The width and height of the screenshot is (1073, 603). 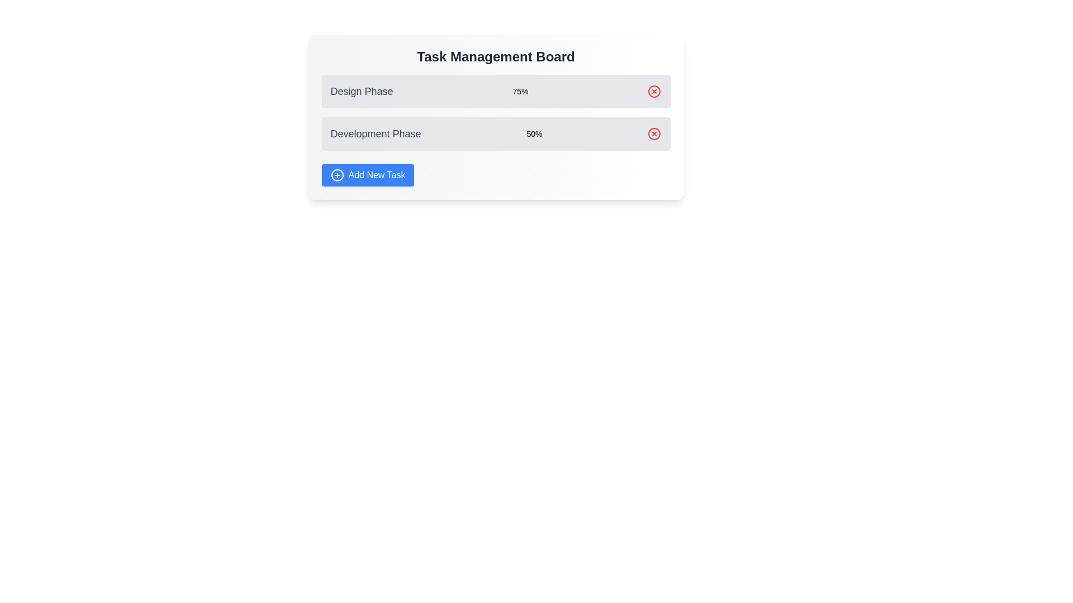 I want to click on the informational text label that displays the progress percentage for the 'Design Phase' task, located on the right end of the first row in the task management interface, so click(x=520, y=91).